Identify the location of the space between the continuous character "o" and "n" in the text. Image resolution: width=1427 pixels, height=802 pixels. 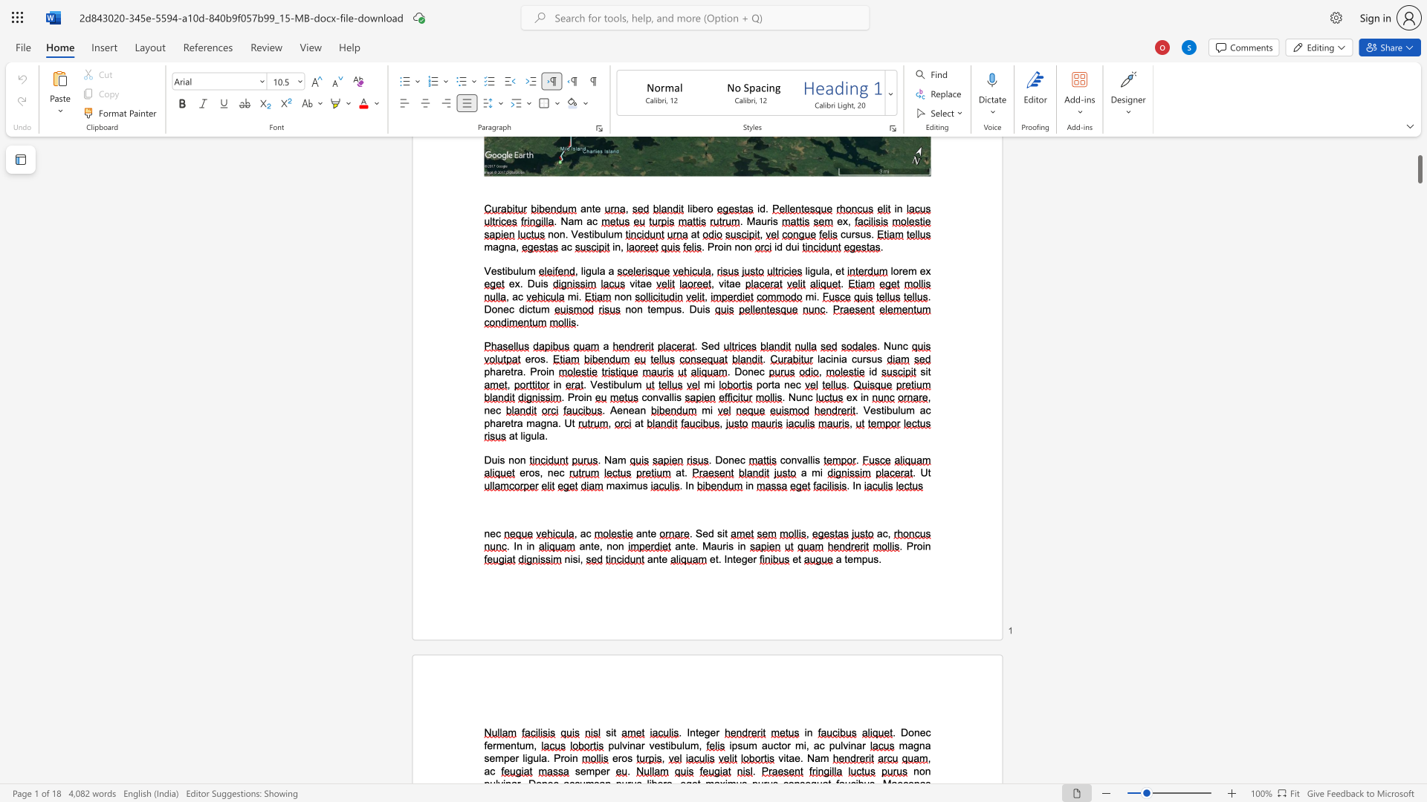
(618, 546).